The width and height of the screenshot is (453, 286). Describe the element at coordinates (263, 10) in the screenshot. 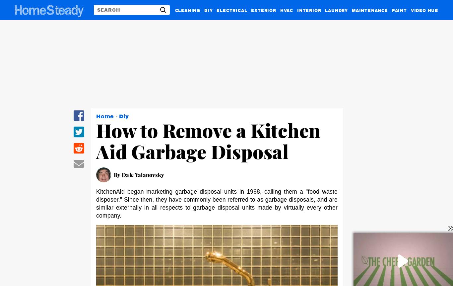

I see `'EXTERIOR'` at that location.